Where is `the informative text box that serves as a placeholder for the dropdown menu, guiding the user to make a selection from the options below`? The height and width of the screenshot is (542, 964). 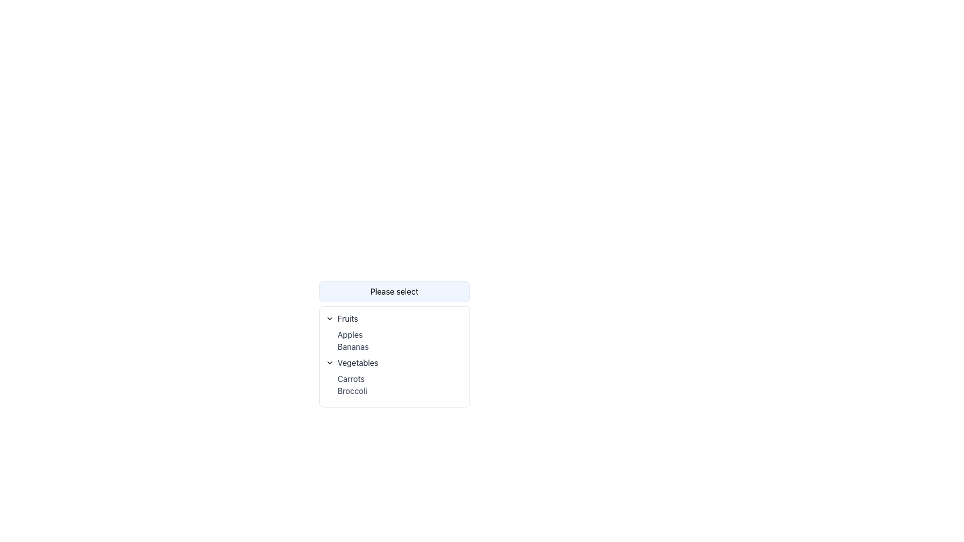
the informative text box that serves as a placeholder for the dropdown menu, guiding the user to make a selection from the options below is located at coordinates (394, 292).